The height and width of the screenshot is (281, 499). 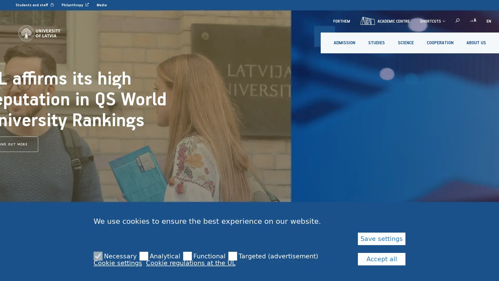 What do you see at coordinates (377, 43) in the screenshot?
I see `STUDIES` at bounding box center [377, 43].